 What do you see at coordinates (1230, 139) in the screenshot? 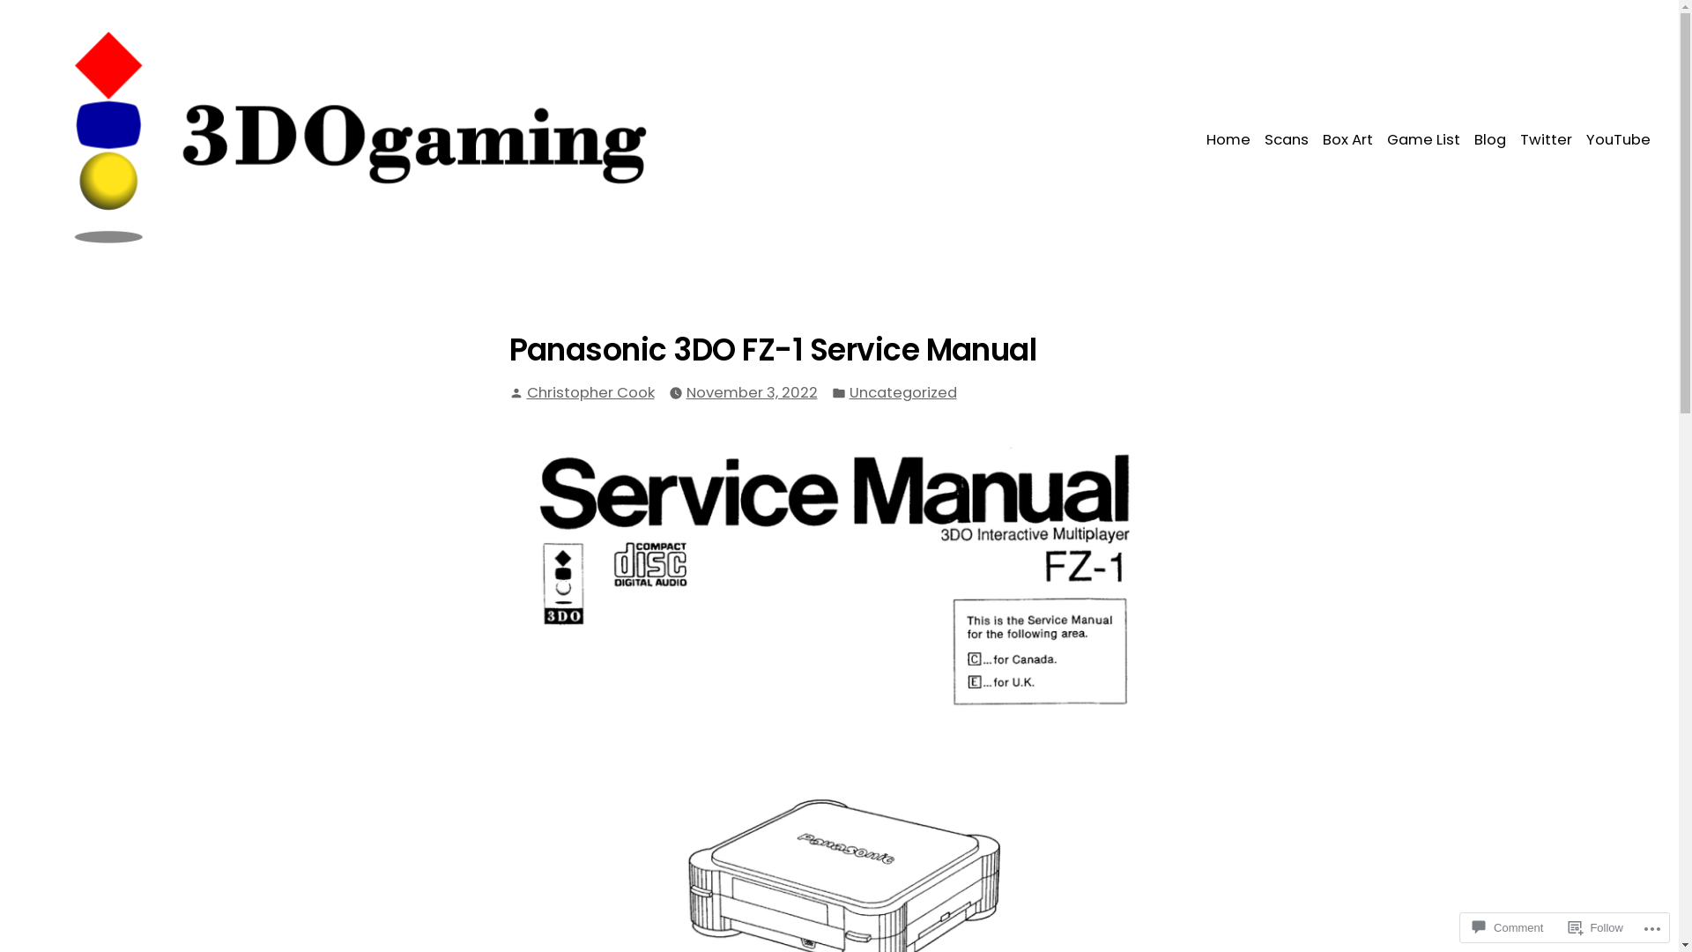
I see `'Home'` at bounding box center [1230, 139].